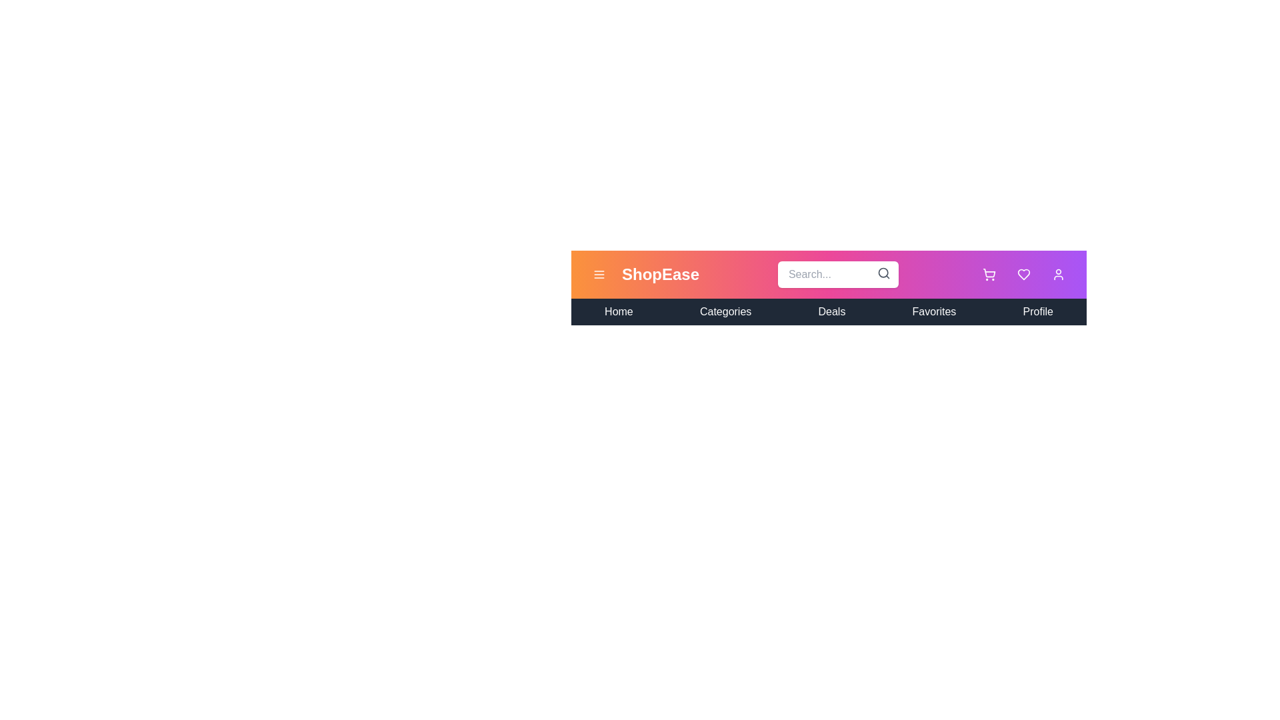  Describe the element at coordinates (989, 274) in the screenshot. I see `shopping cart icon to view the cart` at that location.